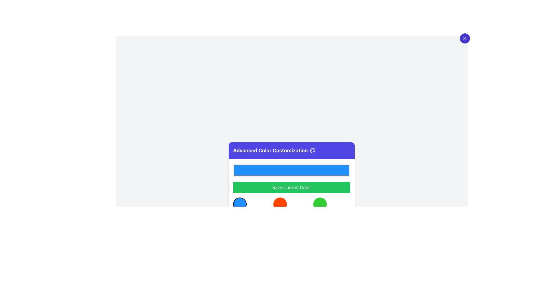 Image resolution: width=540 pixels, height=303 pixels. What do you see at coordinates (320, 204) in the screenshot?
I see `the bright green circular color indicator in the top-right corner of its grid block` at bounding box center [320, 204].